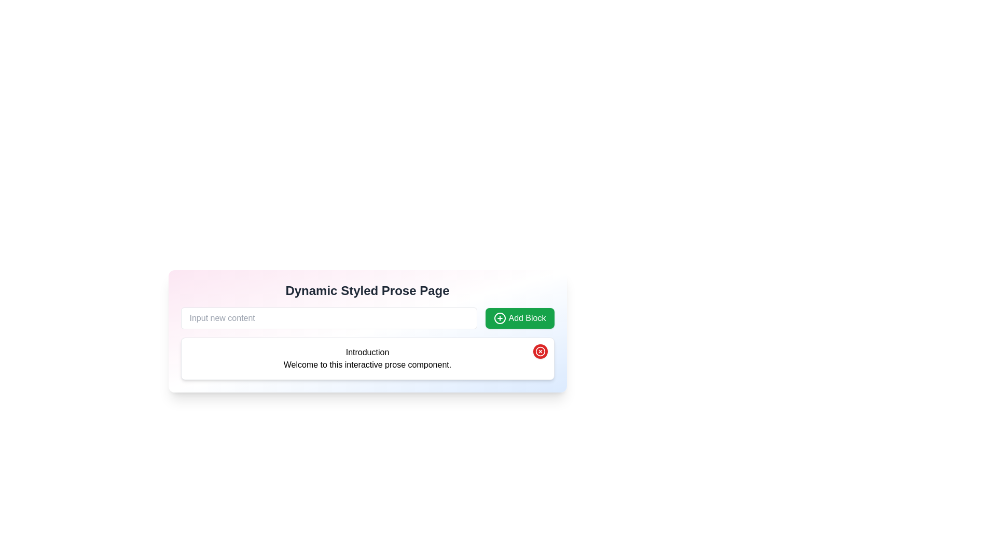 The image size is (996, 560). Describe the element at coordinates (500, 317) in the screenshot. I see `the circular icon with a plus sign located in the center of the green 'Add Block' button in the top-right corner of the interface` at that location.